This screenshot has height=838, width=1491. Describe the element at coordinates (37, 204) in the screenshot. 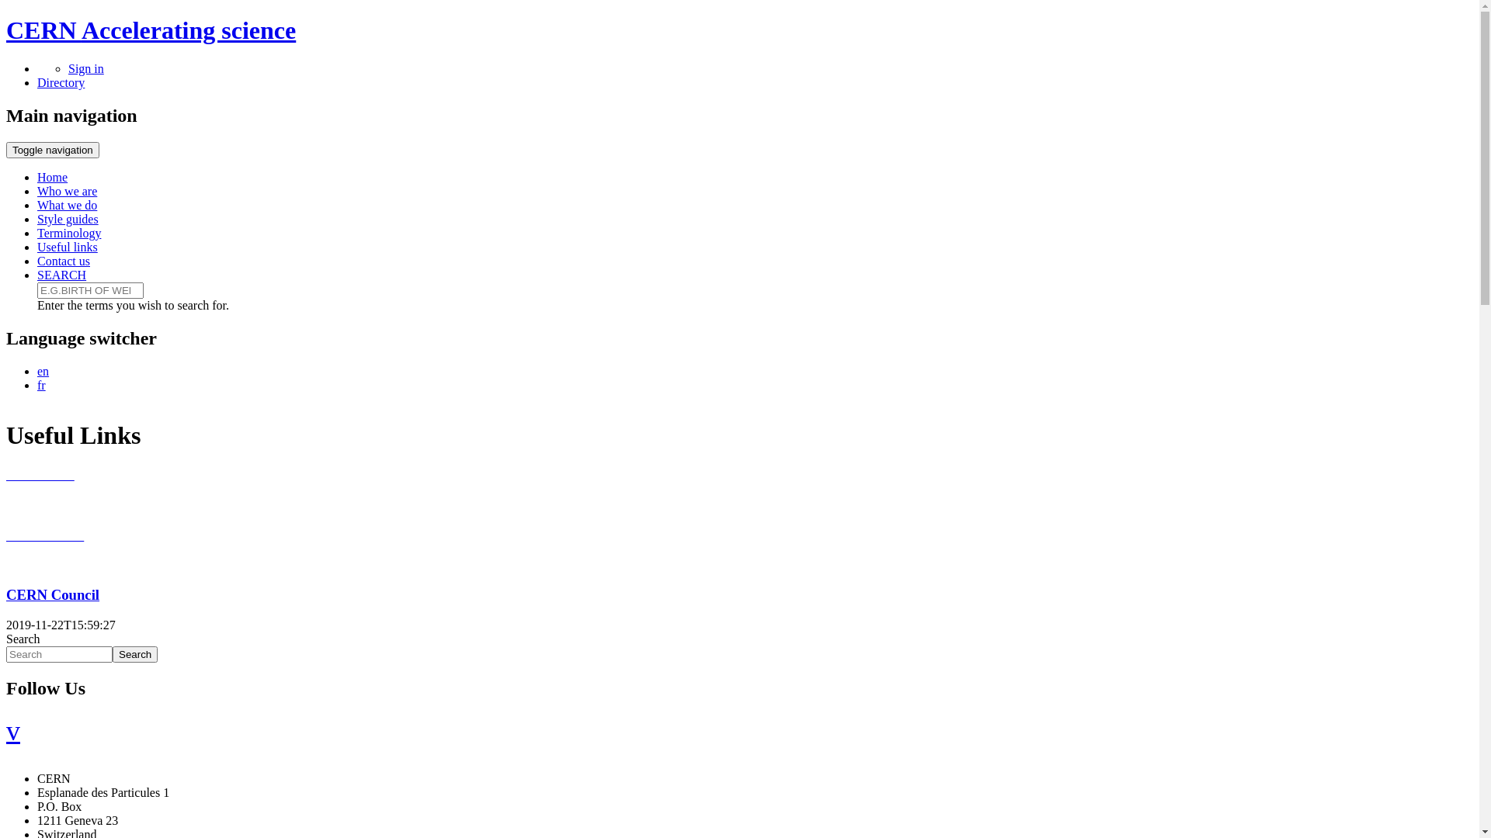

I see `'What we do'` at that location.